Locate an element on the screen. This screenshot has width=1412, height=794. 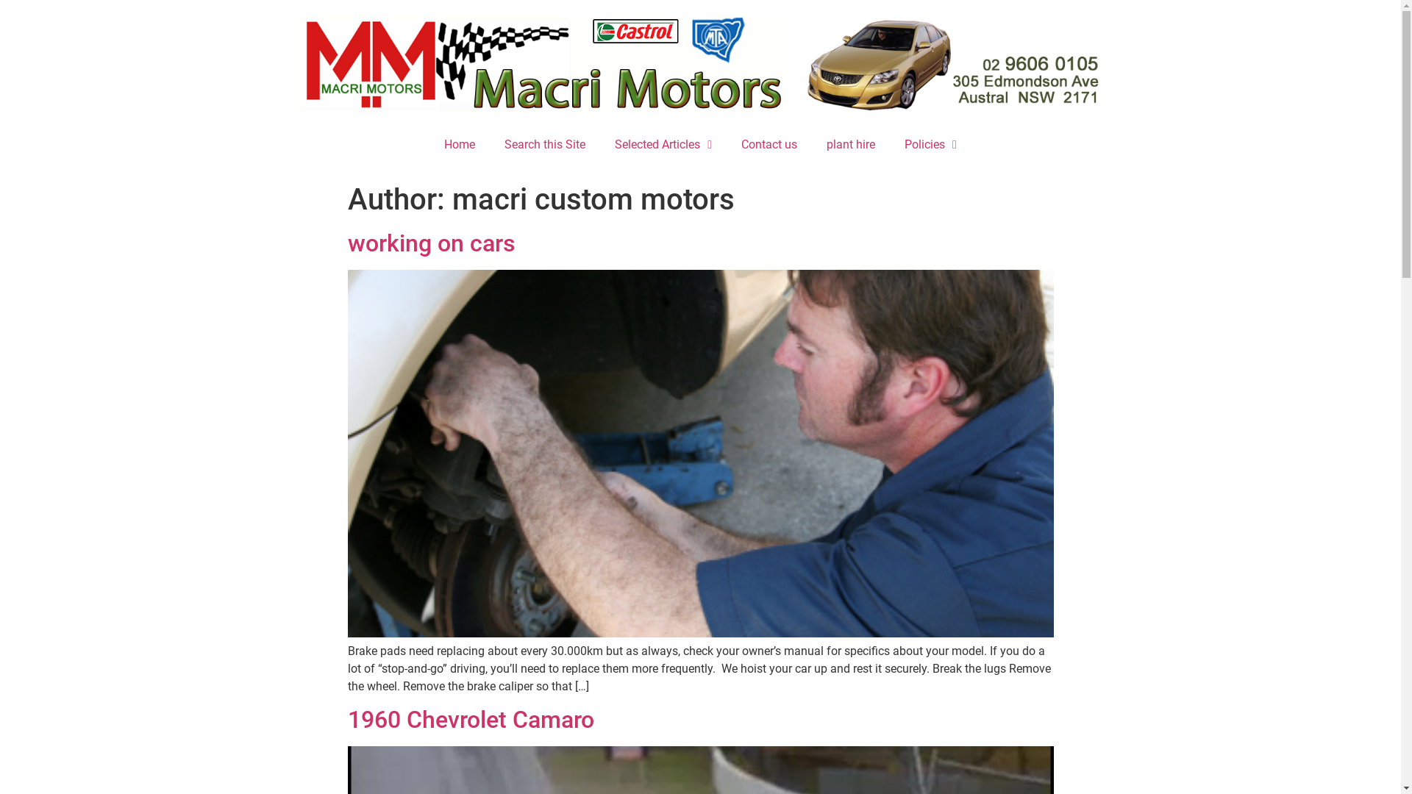
'working on cars' is located at coordinates (429, 243).